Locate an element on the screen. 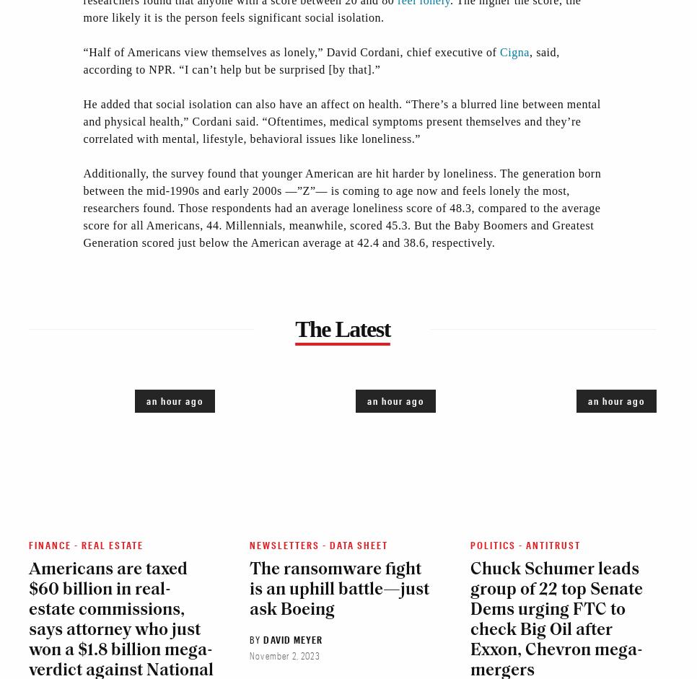 This screenshot has height=679, width=697. 'Business Development' is located at coordinates (192, 420).